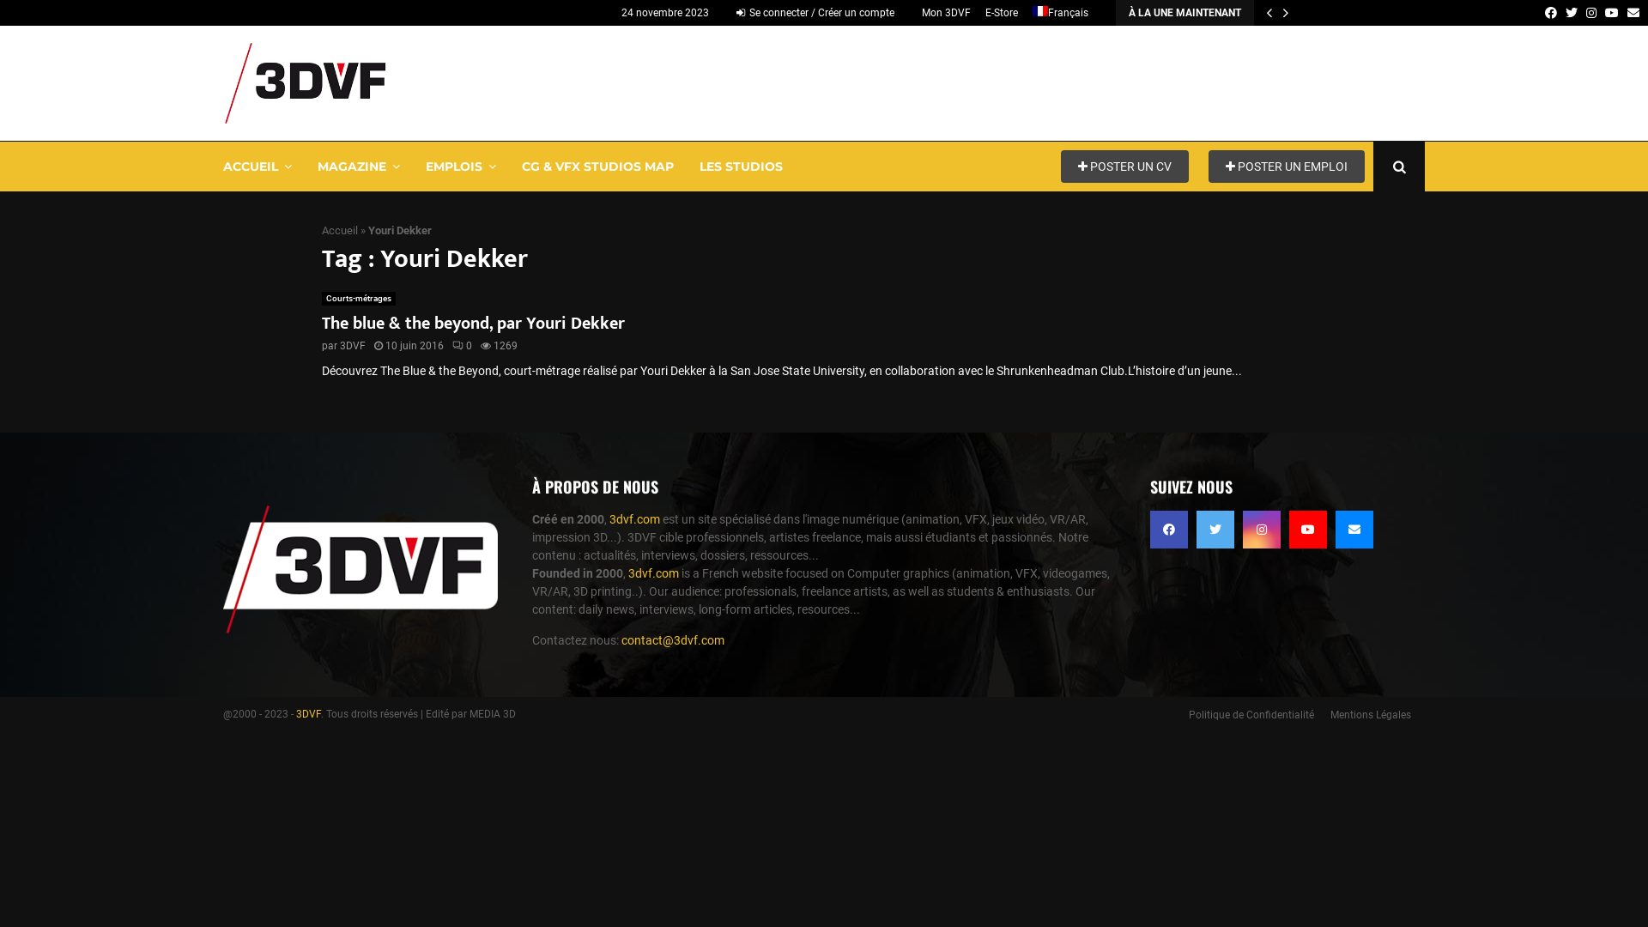  What do you see at coordinates (633, 518) in the screenshot?
I see `'3dvf.com'` at bounding box center [633, 518].